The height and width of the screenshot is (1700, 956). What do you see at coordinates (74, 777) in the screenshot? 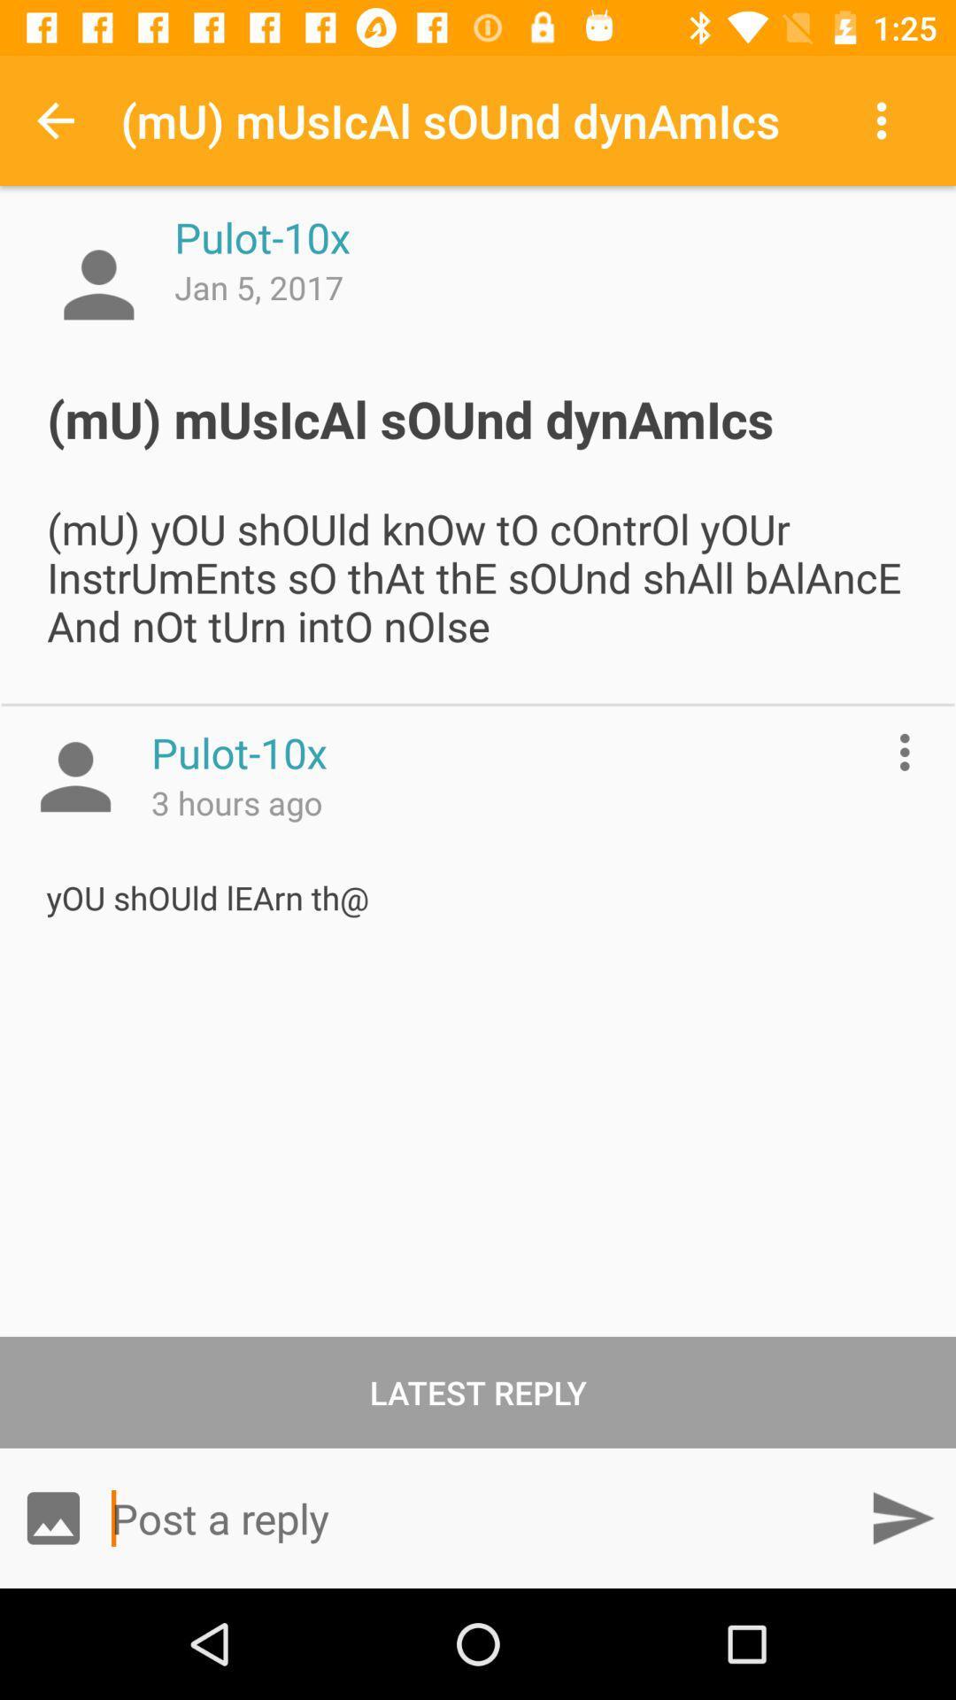
I see `profile` at bounding box center [74, 777].